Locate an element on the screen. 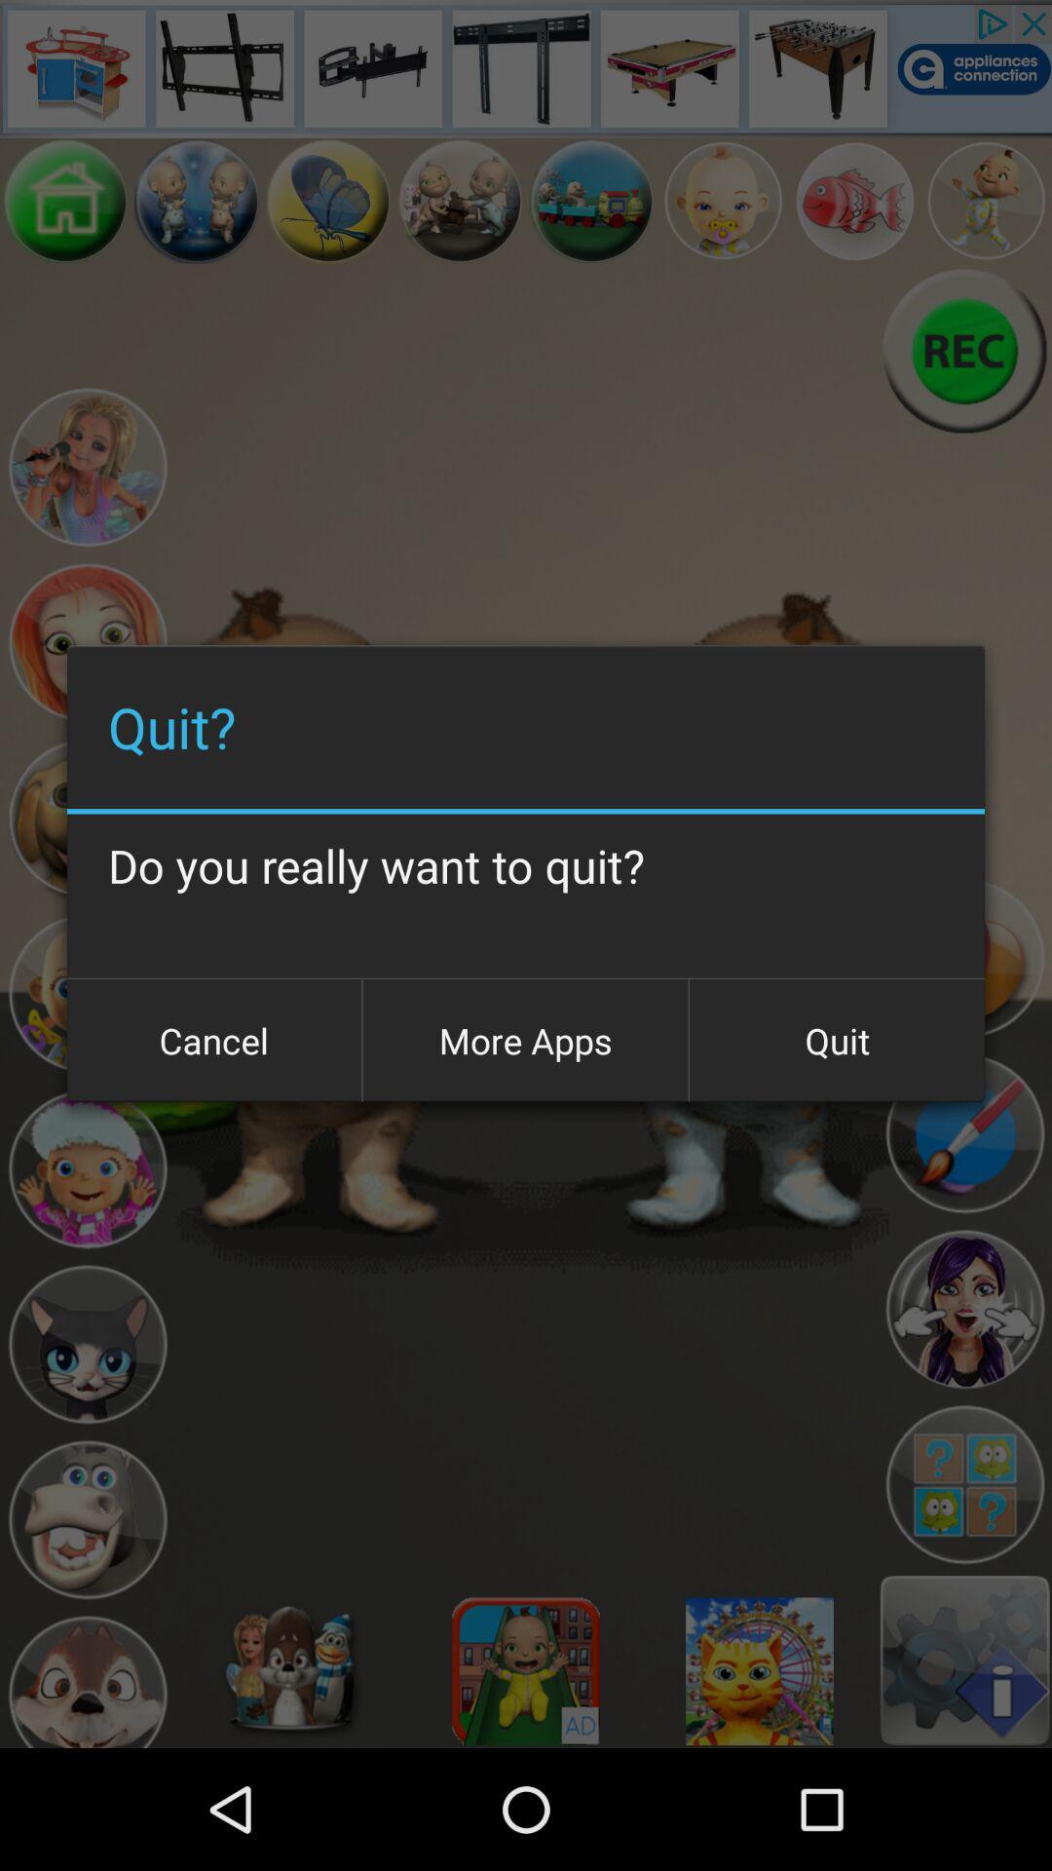 Image resolution: width=1052 pixels, height=1871 pixels. shows home icon is located at coordinates (64, 201).